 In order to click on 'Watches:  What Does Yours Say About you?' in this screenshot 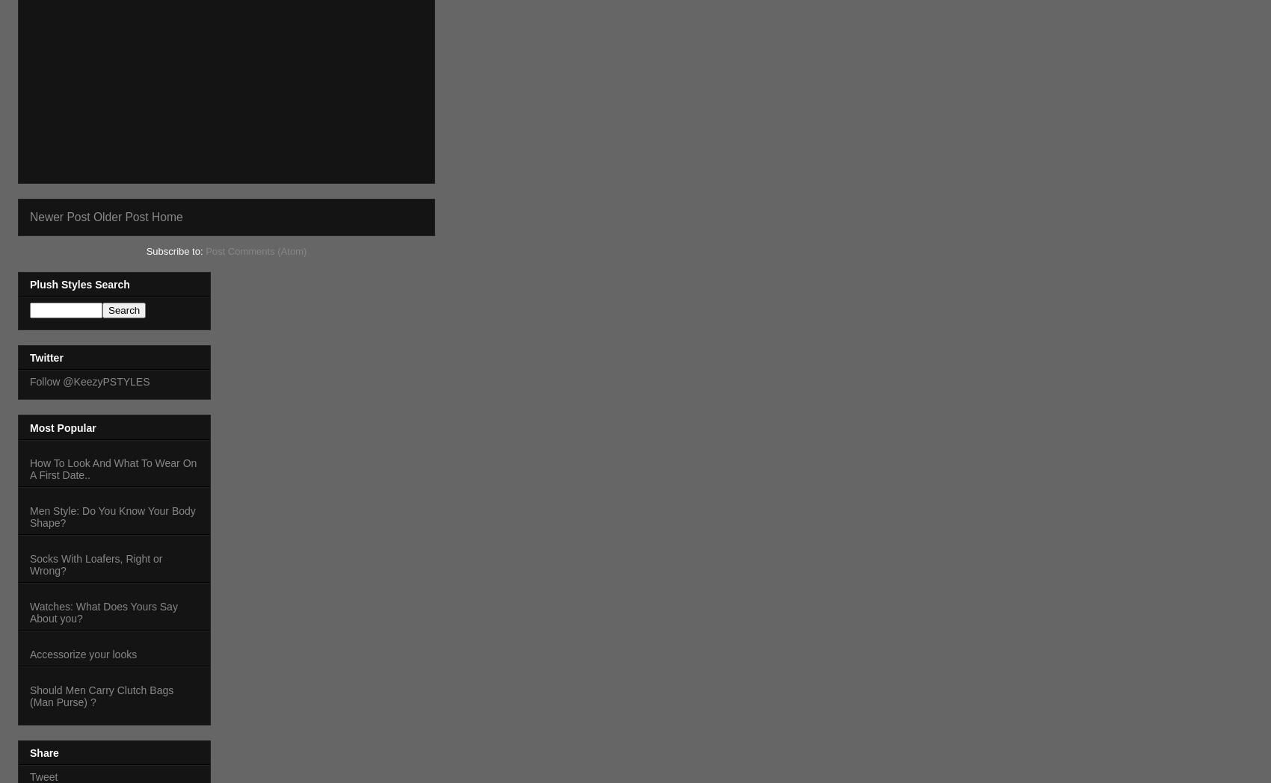, I will do `click(102, 611)`.